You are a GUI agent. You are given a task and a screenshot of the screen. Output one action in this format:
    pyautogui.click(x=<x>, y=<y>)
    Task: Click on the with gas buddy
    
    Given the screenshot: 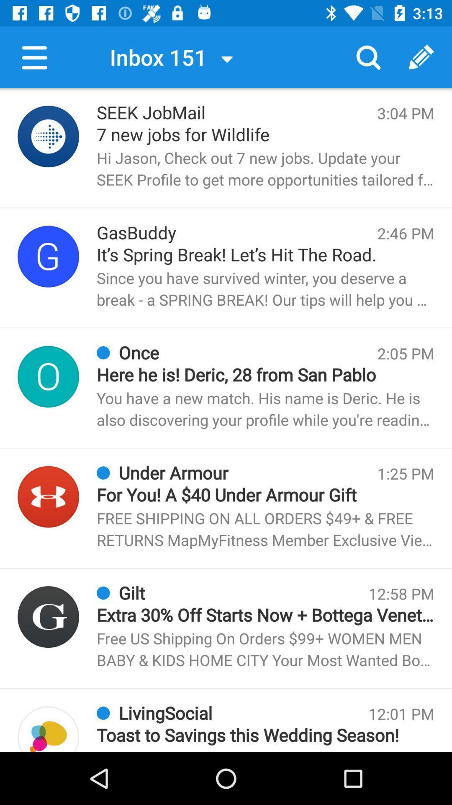 What is the action you would take?
    pyautogui.click(x=48, y=256)
    